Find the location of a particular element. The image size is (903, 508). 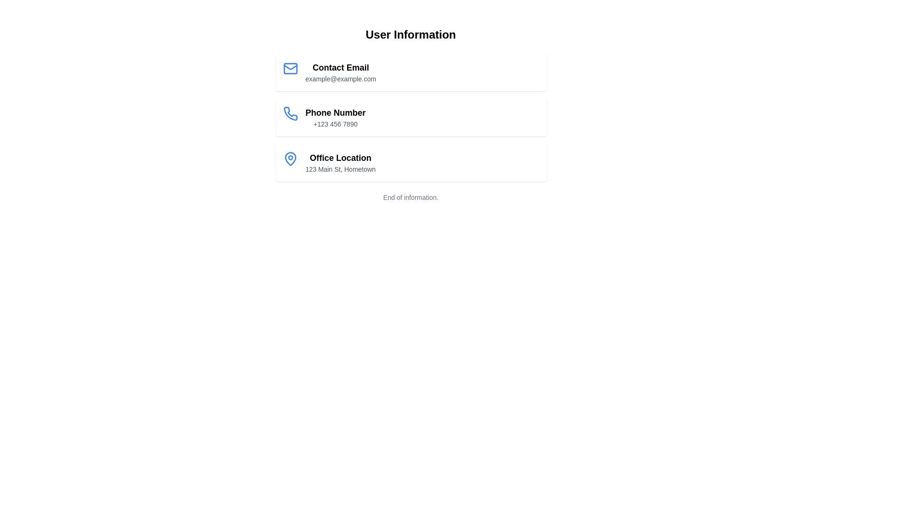

static address text located beneath the 'Office Location' header in the 'User Information' section is located at coordinates (340, 168).